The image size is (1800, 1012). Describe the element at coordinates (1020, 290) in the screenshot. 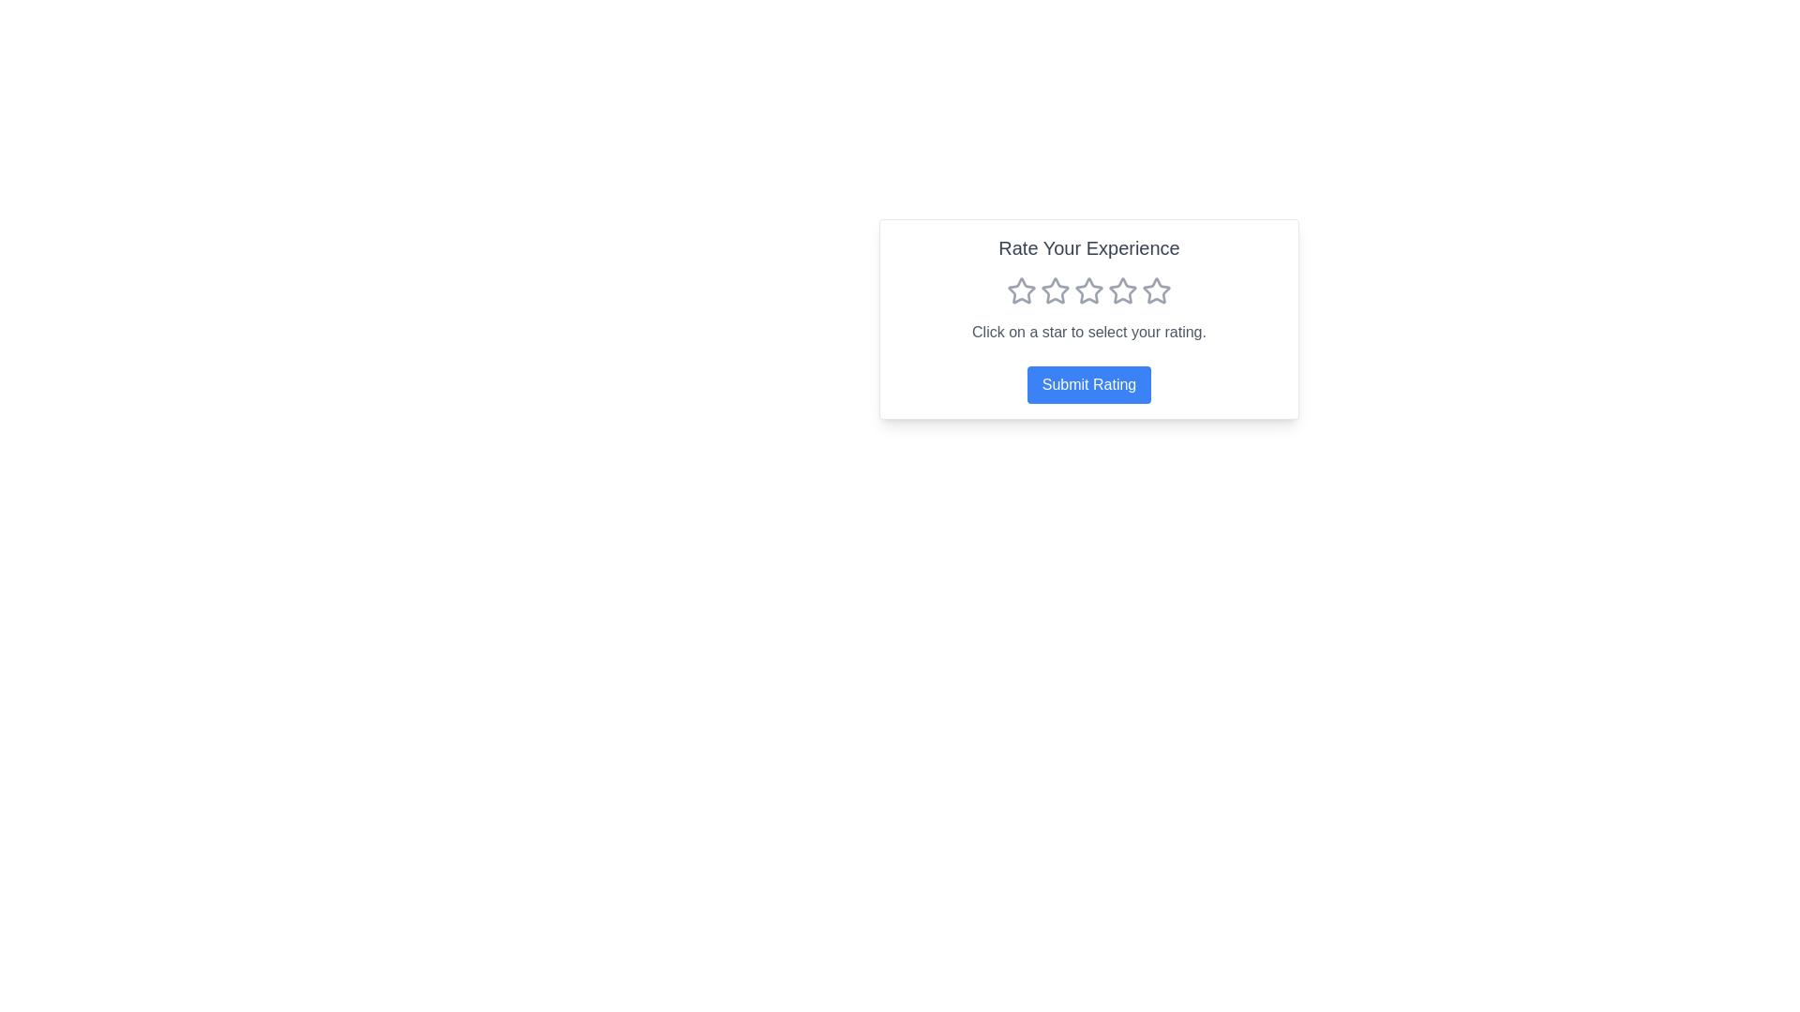

I see `the first rating star SVG element, which indicates the lowest positive rating in the five-star rating system, located beneath the text 'Rate Your Experience'` at that location.